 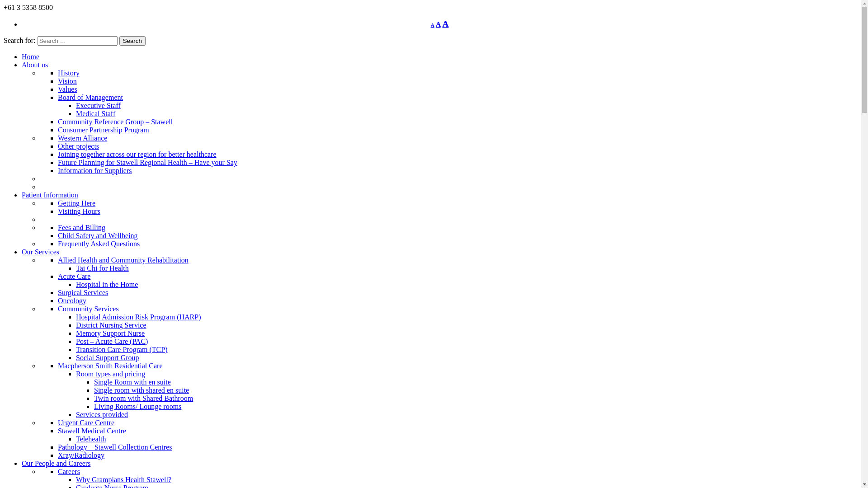 I want to click on 'Memory Support Nurse', so click(x=110, y=333).